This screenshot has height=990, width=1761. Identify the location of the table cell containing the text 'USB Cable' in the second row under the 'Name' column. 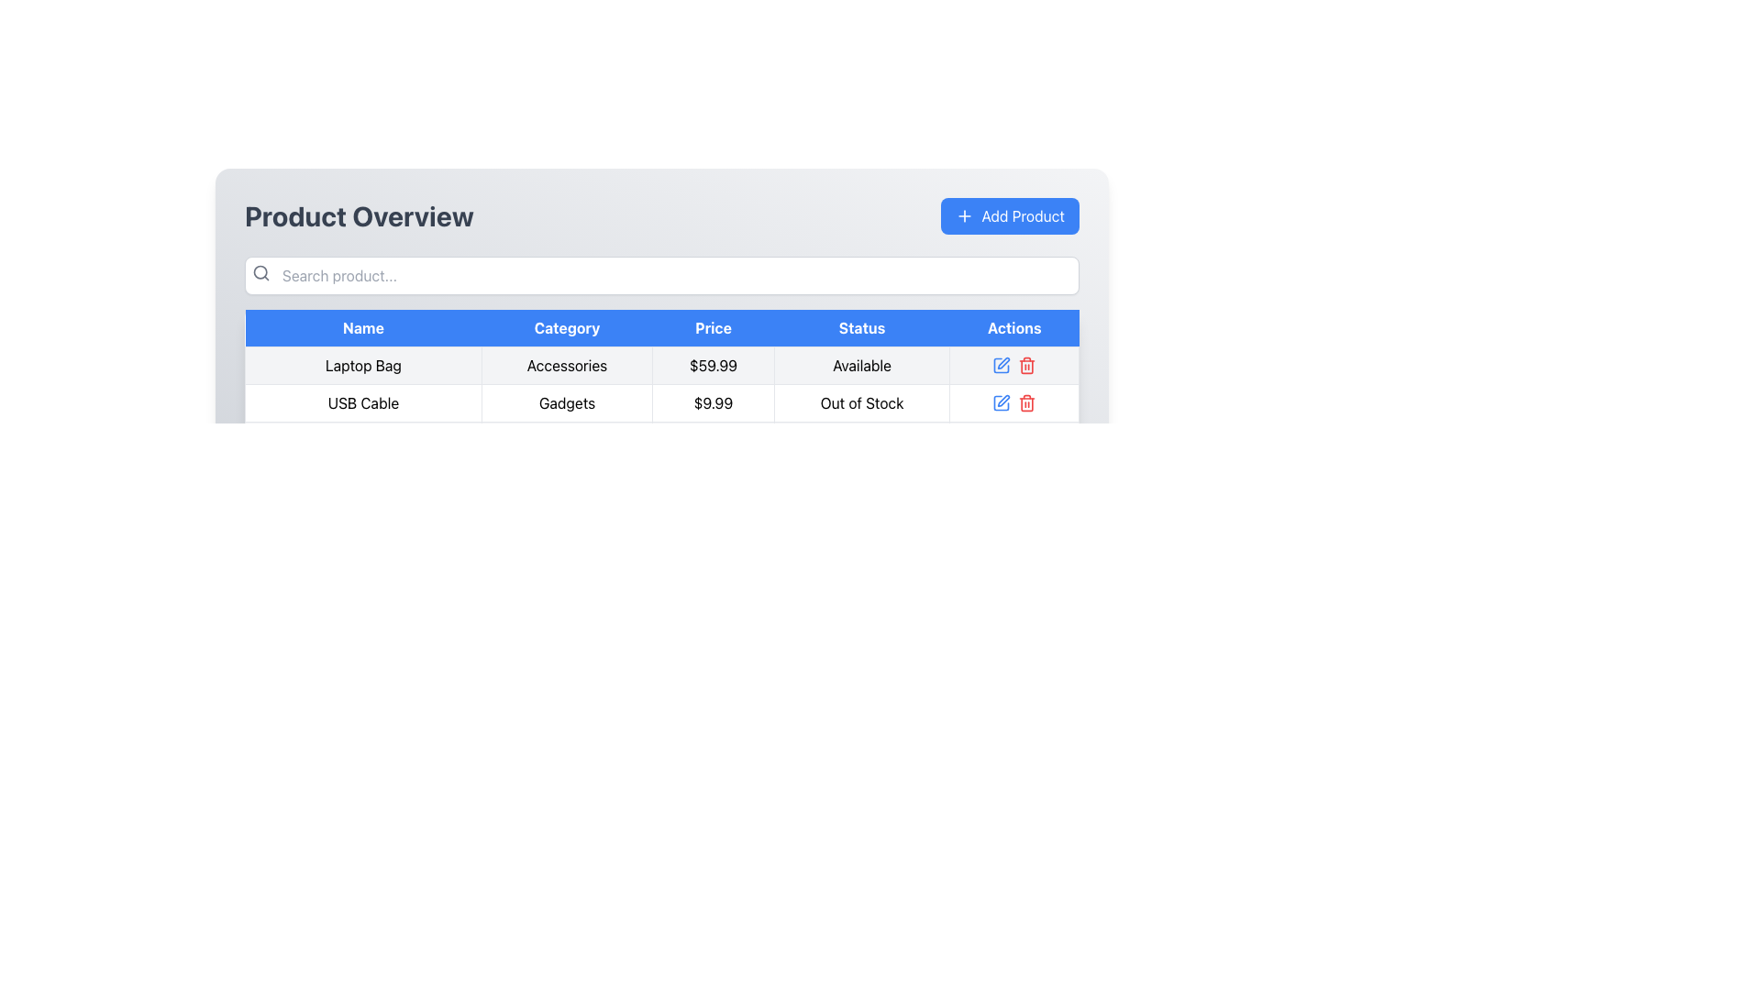
(363, 401).